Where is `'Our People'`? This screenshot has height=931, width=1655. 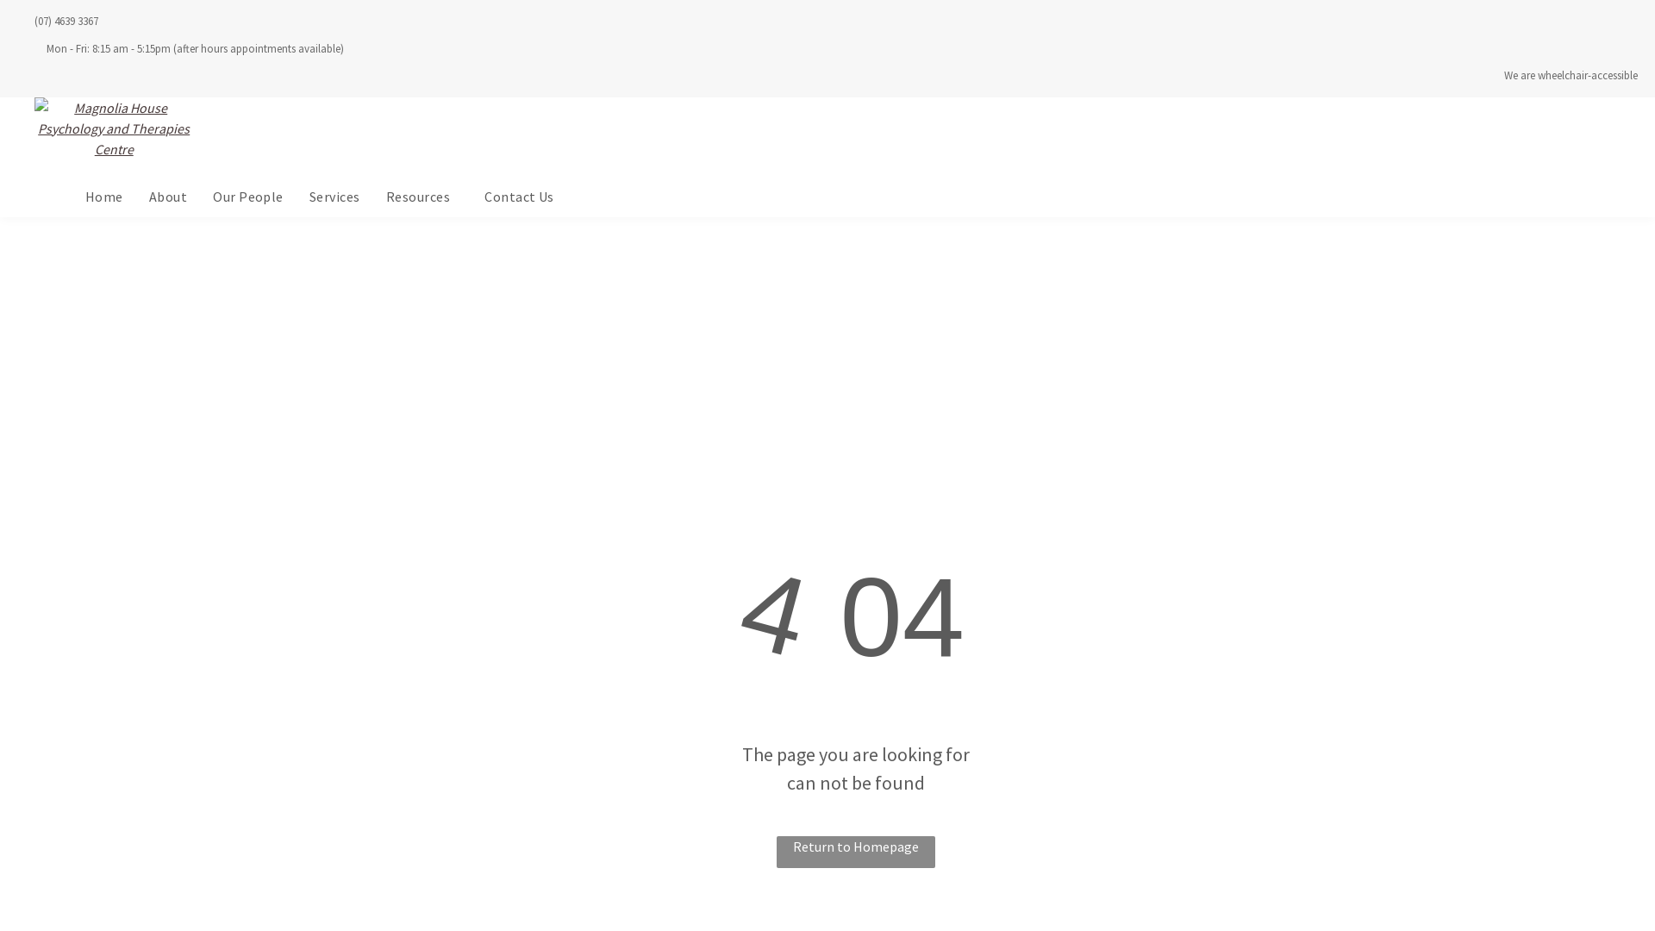
'Our People' is located at coordinates (247, 195).